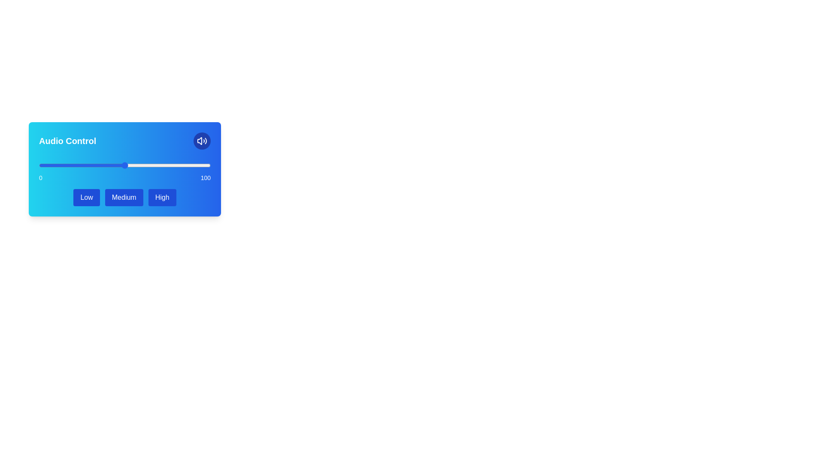 The width and height of the screenshot is (824, 463). I want to click on the static speaker icon located in the top-right corner of the audio control interface panel, which represents sound emission, so click(199, 140).